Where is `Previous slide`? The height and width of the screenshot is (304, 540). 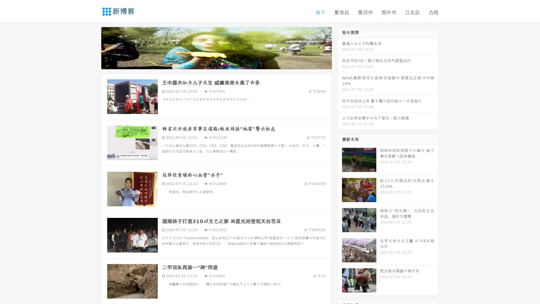 Previous slide is located at coordinates (93, 47).